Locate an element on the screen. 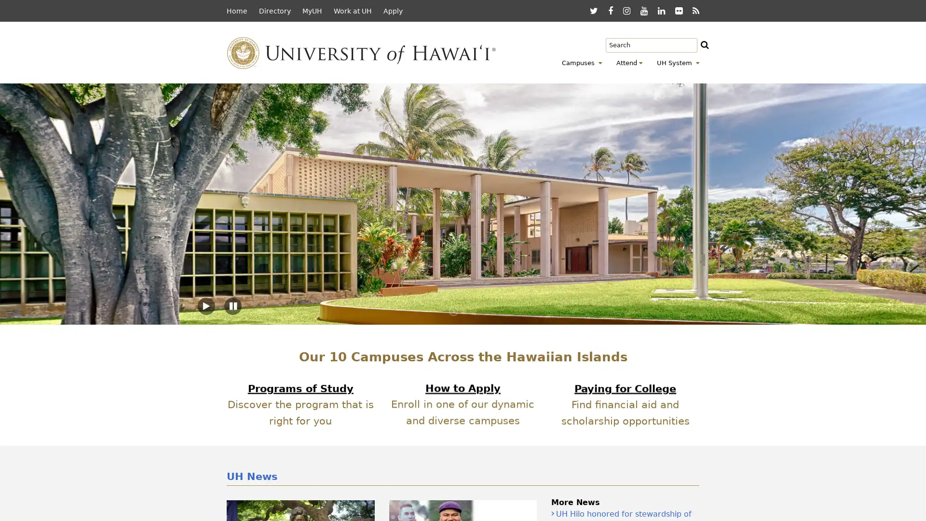 Image resolution: width=926 pixels, height=521 pixels. search is located at coordinates (713, 46).